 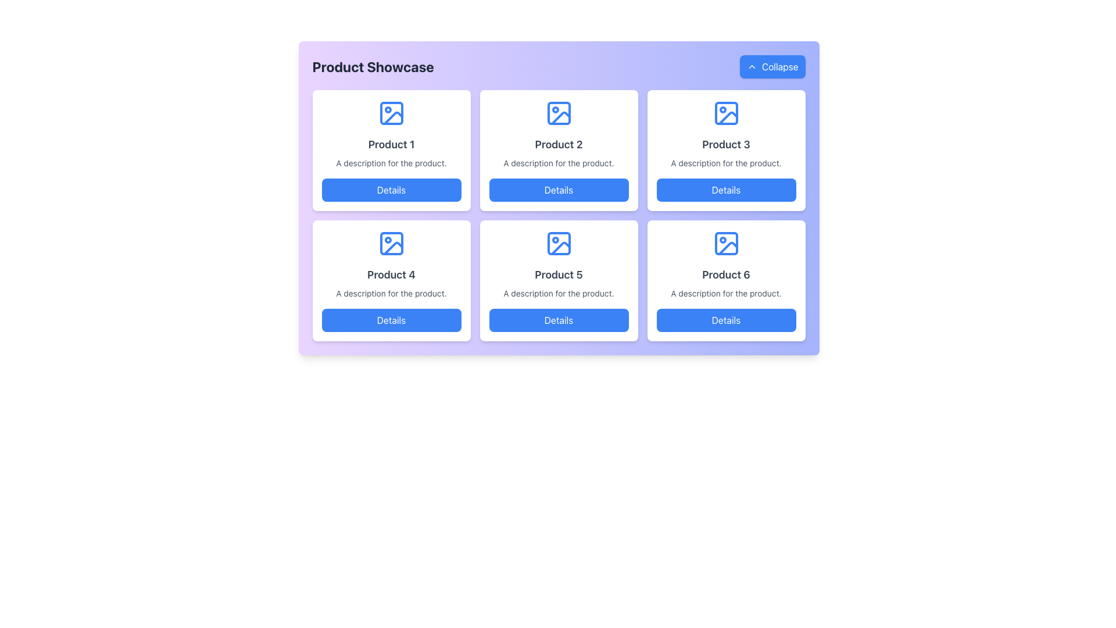 I want to click on the 'Details' button on the product display card located in the bottom-right corner of the grid layout, so click(x=725, y=280).